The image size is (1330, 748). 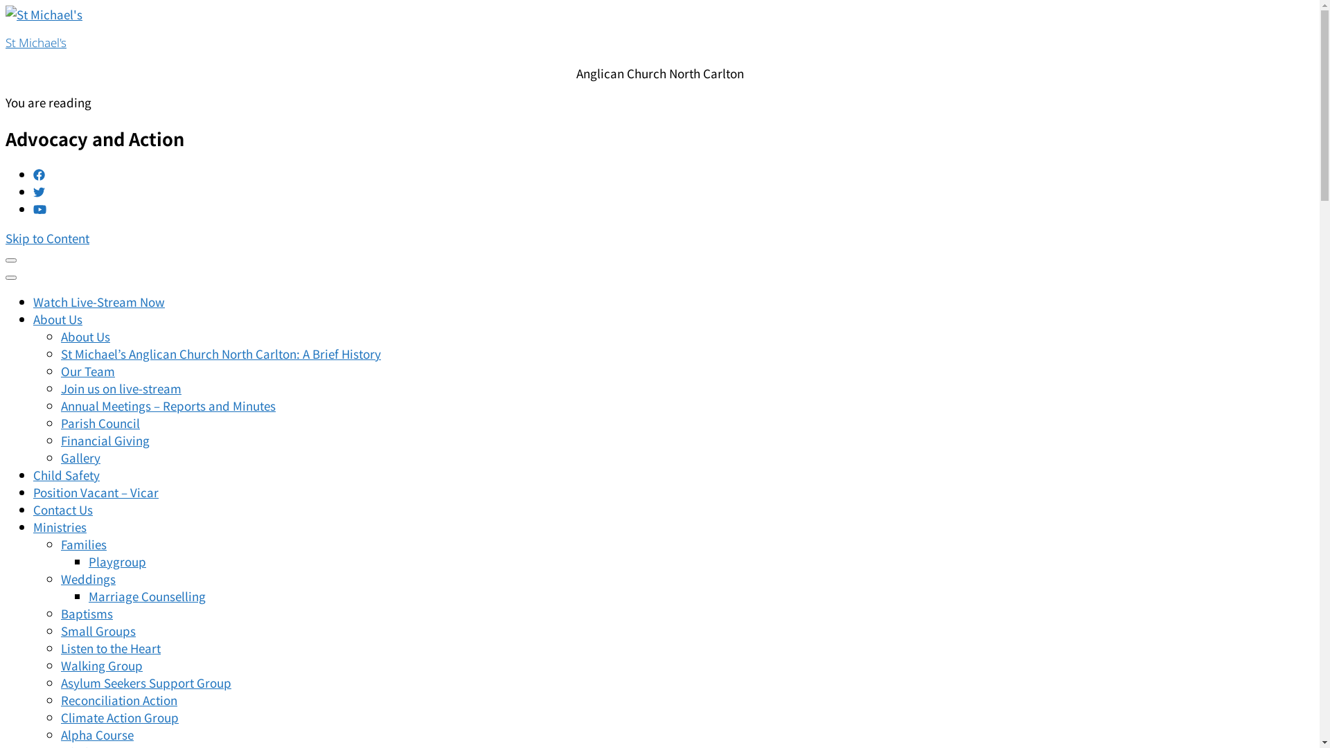 What do you see at coordinates (119, 700) in the screenshot?
I see `'Reconciliation Action'` at bounding box center [119, 700].